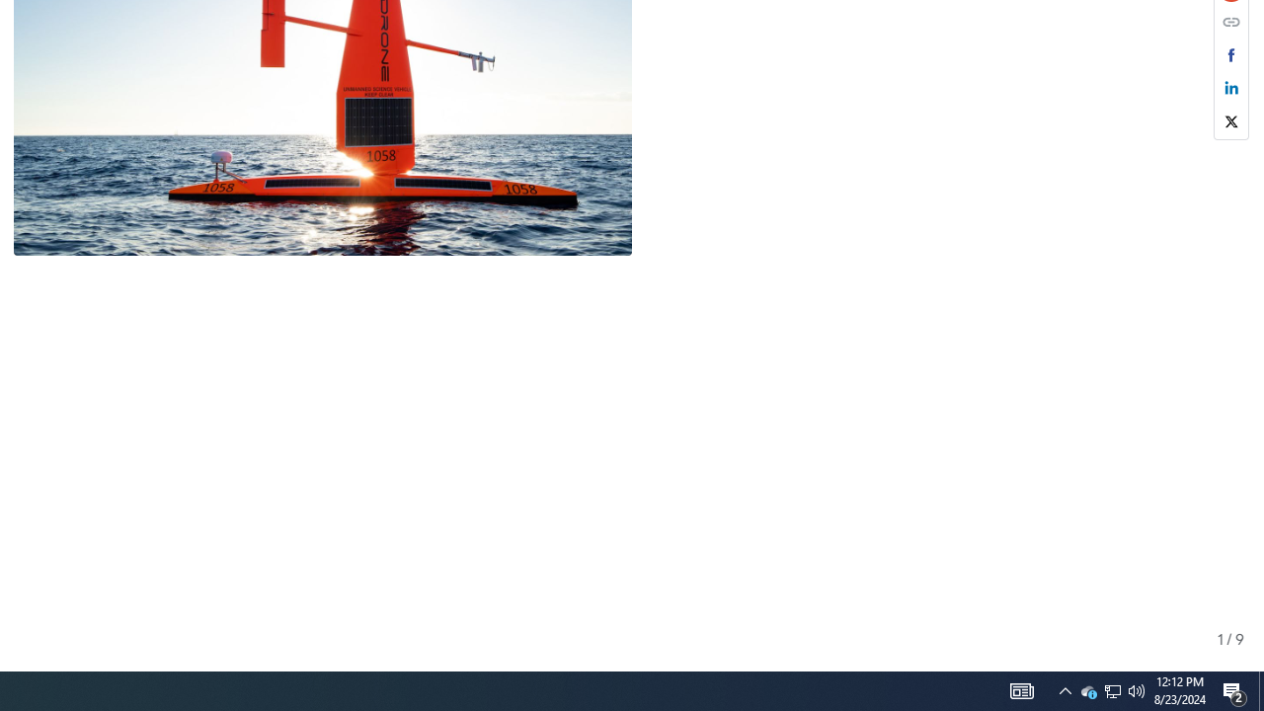 The width and height of the screenshot is (1264, 711). Describe the element at coordinates (1065, 689) in the screenshot. I see `'Notification Chevron'` at that location.